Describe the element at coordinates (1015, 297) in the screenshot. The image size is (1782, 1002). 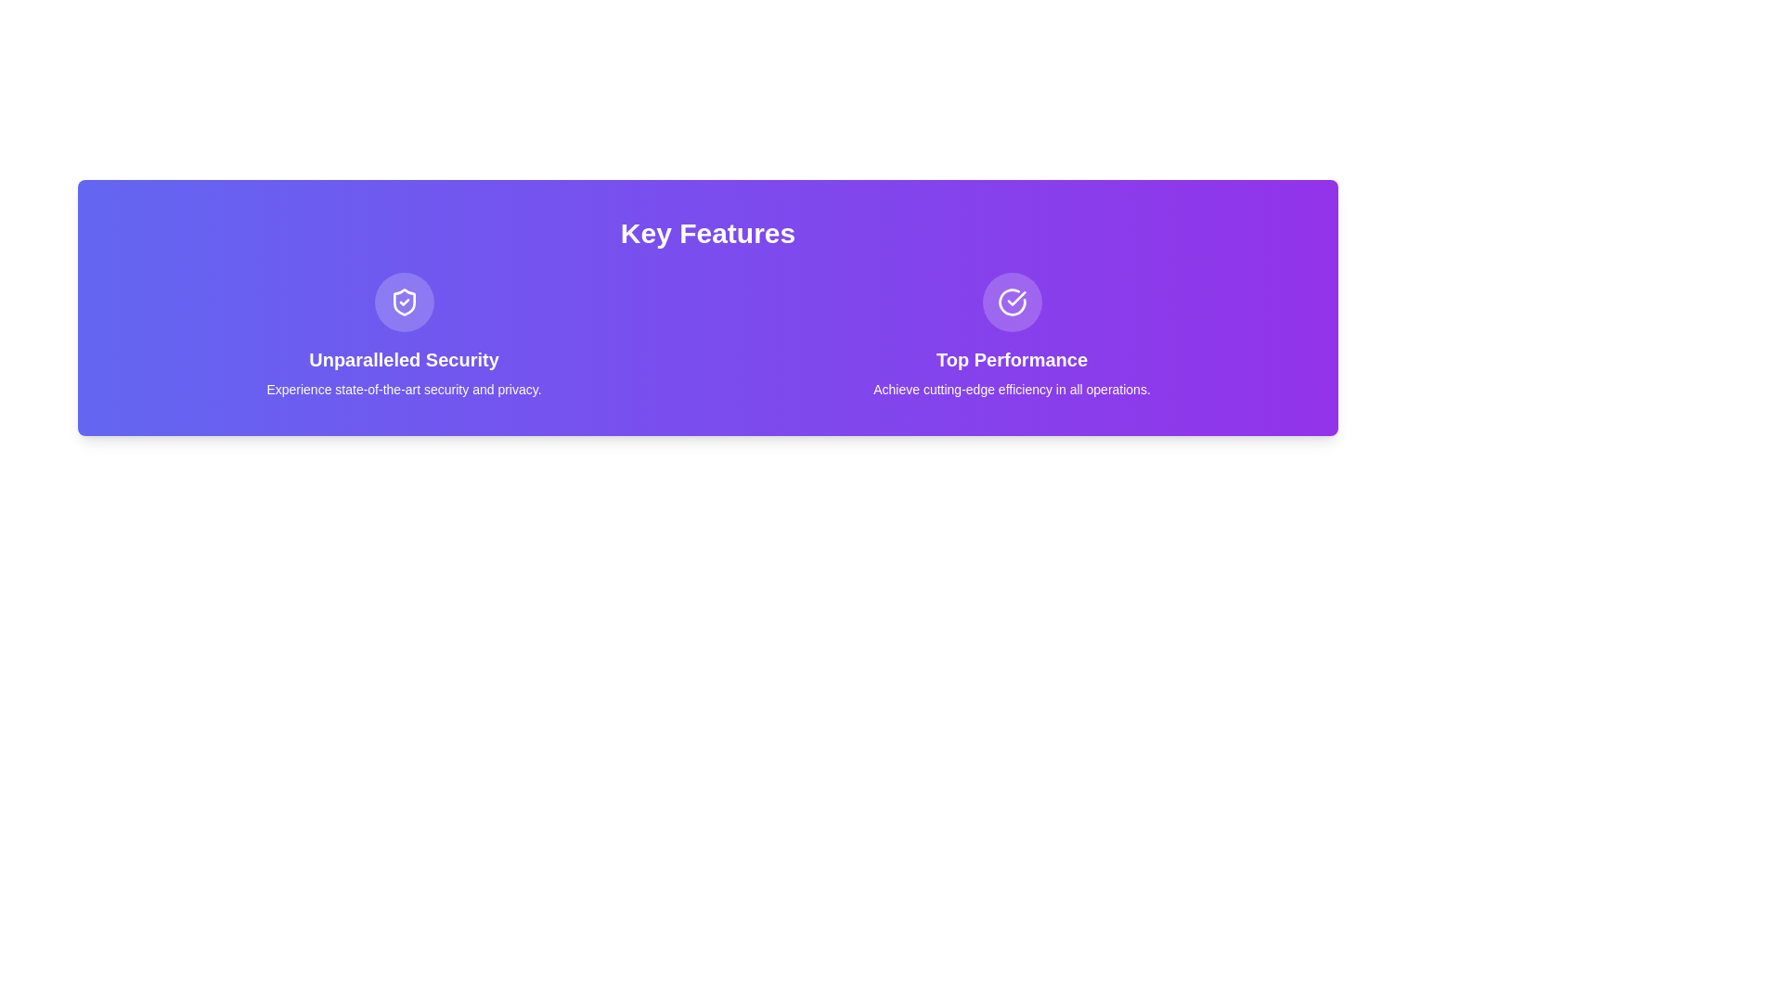
I see `the small checkmark icon within the circular frame in the 'Top Performance' feature card` at that location.